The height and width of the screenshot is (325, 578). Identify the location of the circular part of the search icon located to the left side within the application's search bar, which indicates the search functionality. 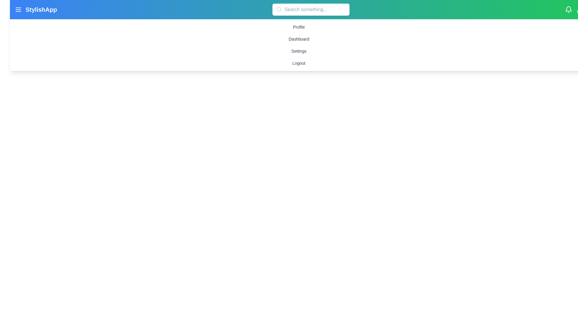
(278, 9).